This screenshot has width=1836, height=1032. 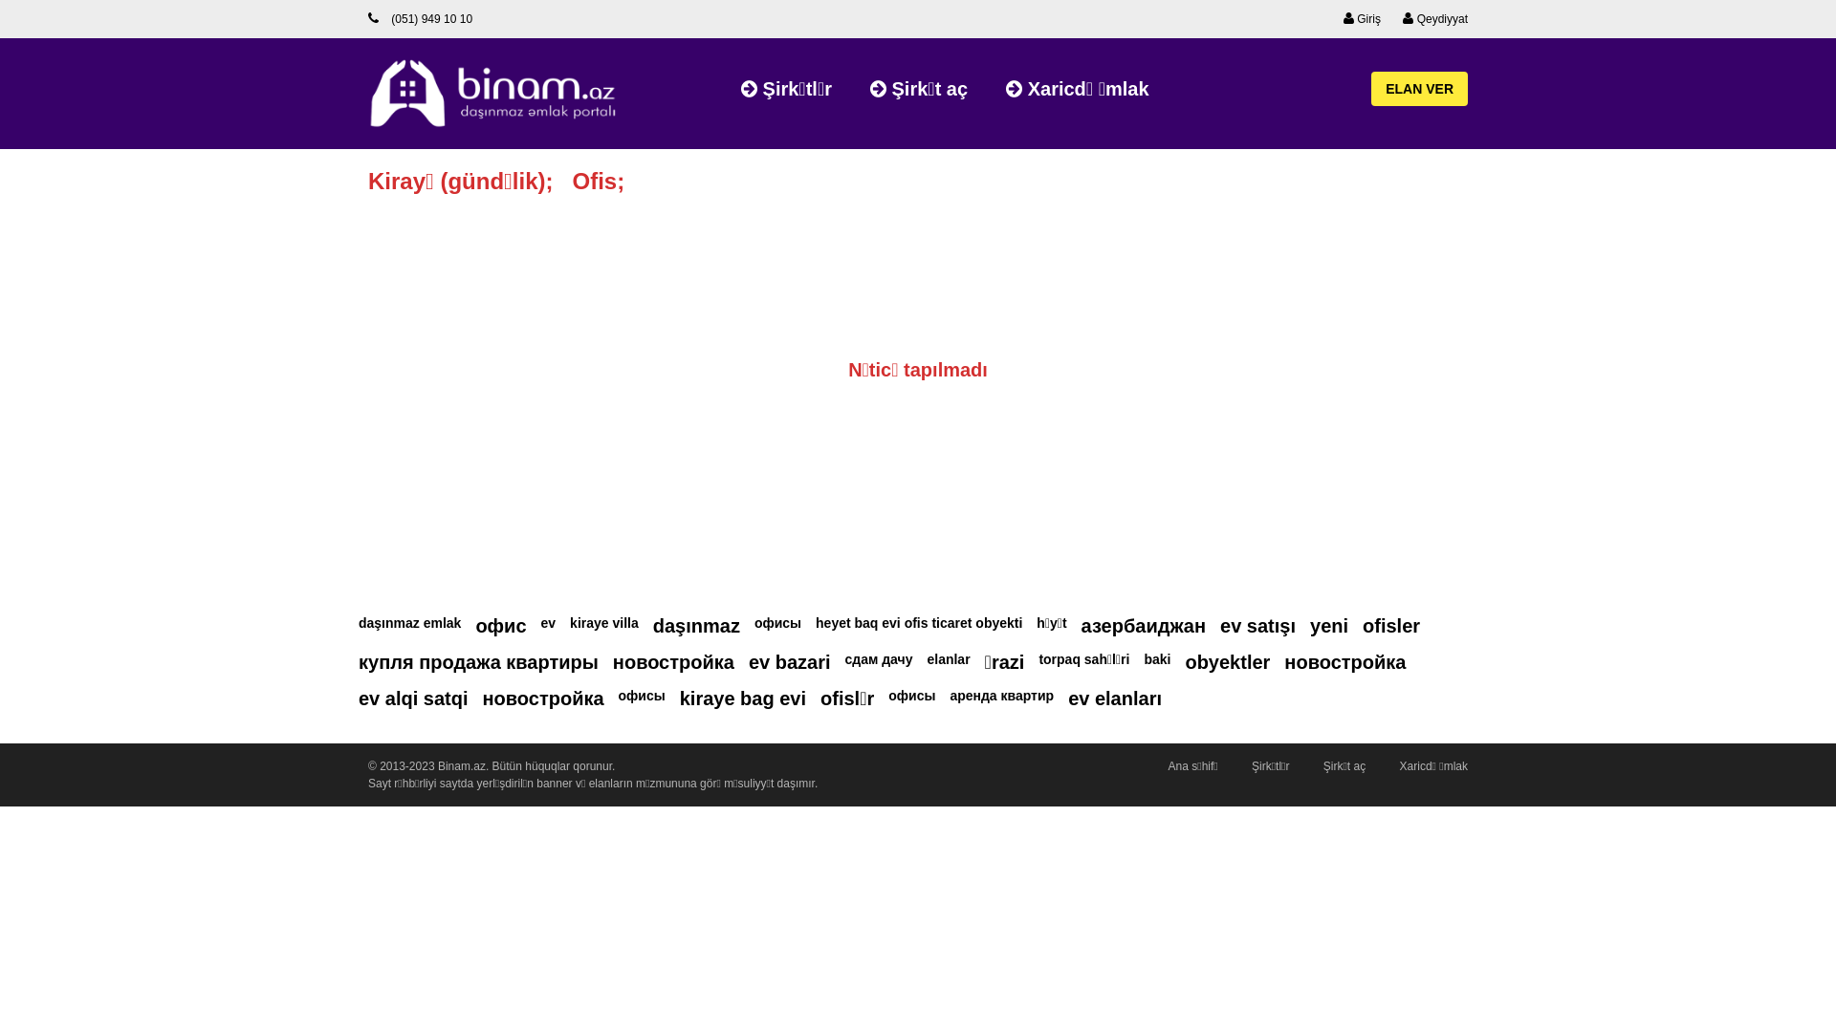 I want to click on 'heyet baq evi ofis ticaret obyekti', so click(x=918, y=622).